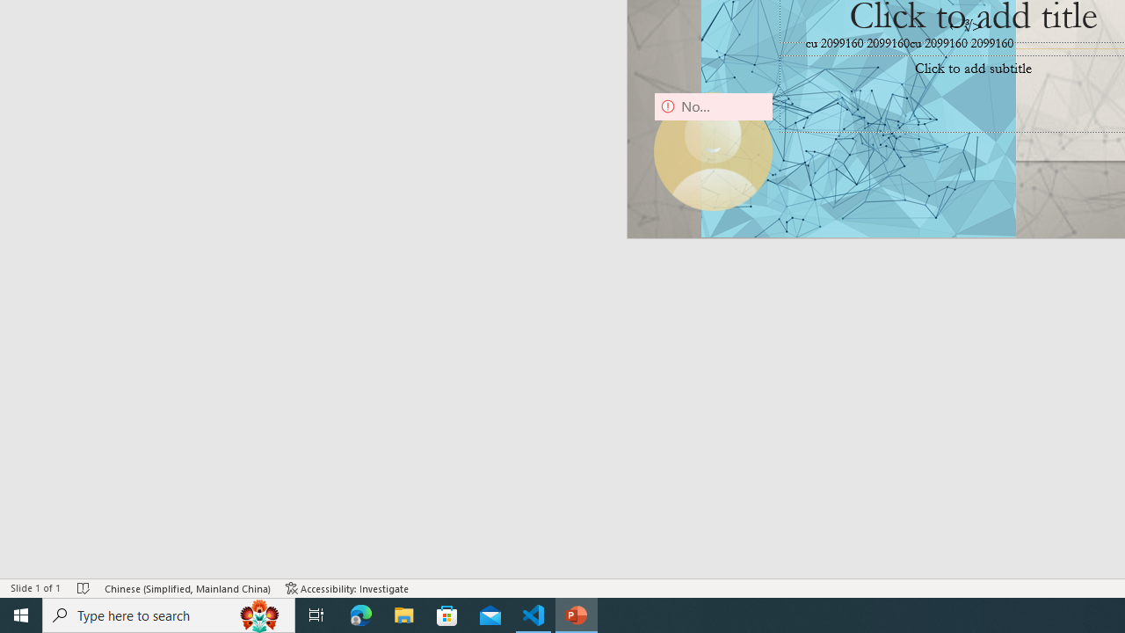  What do you see at coordinates (965, 26) in the screenshot?
I see `'TextBox 7'` at bounding box center [965, 26].